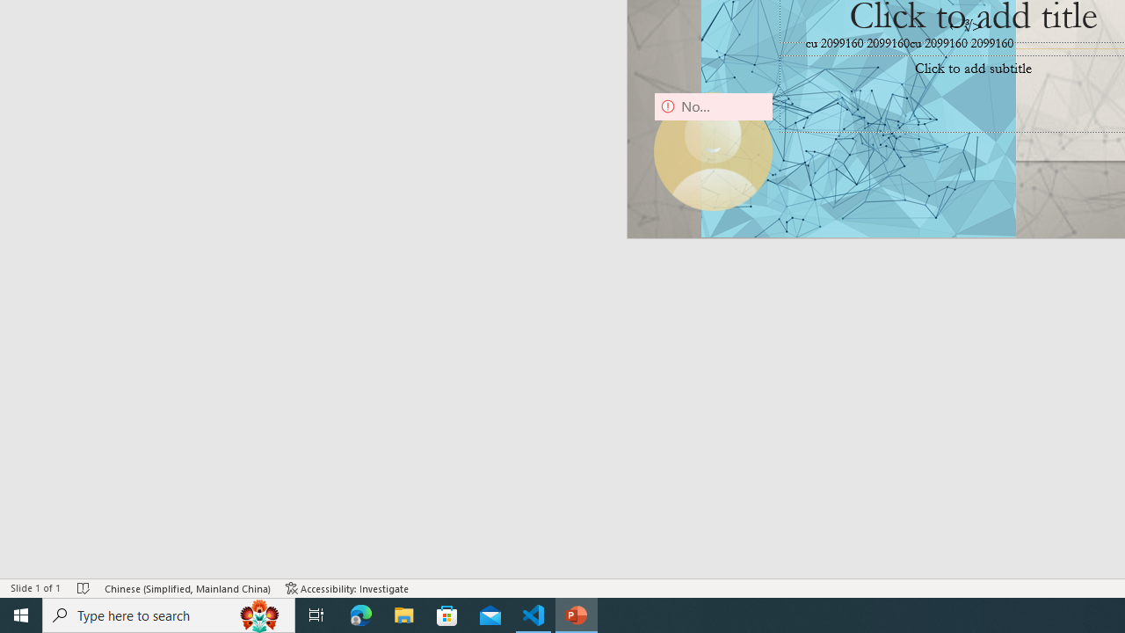  What do you see at coordinates (965, 26) in the screenshot?
I see `'TextBox 7'` at bounding box center [965, 26].